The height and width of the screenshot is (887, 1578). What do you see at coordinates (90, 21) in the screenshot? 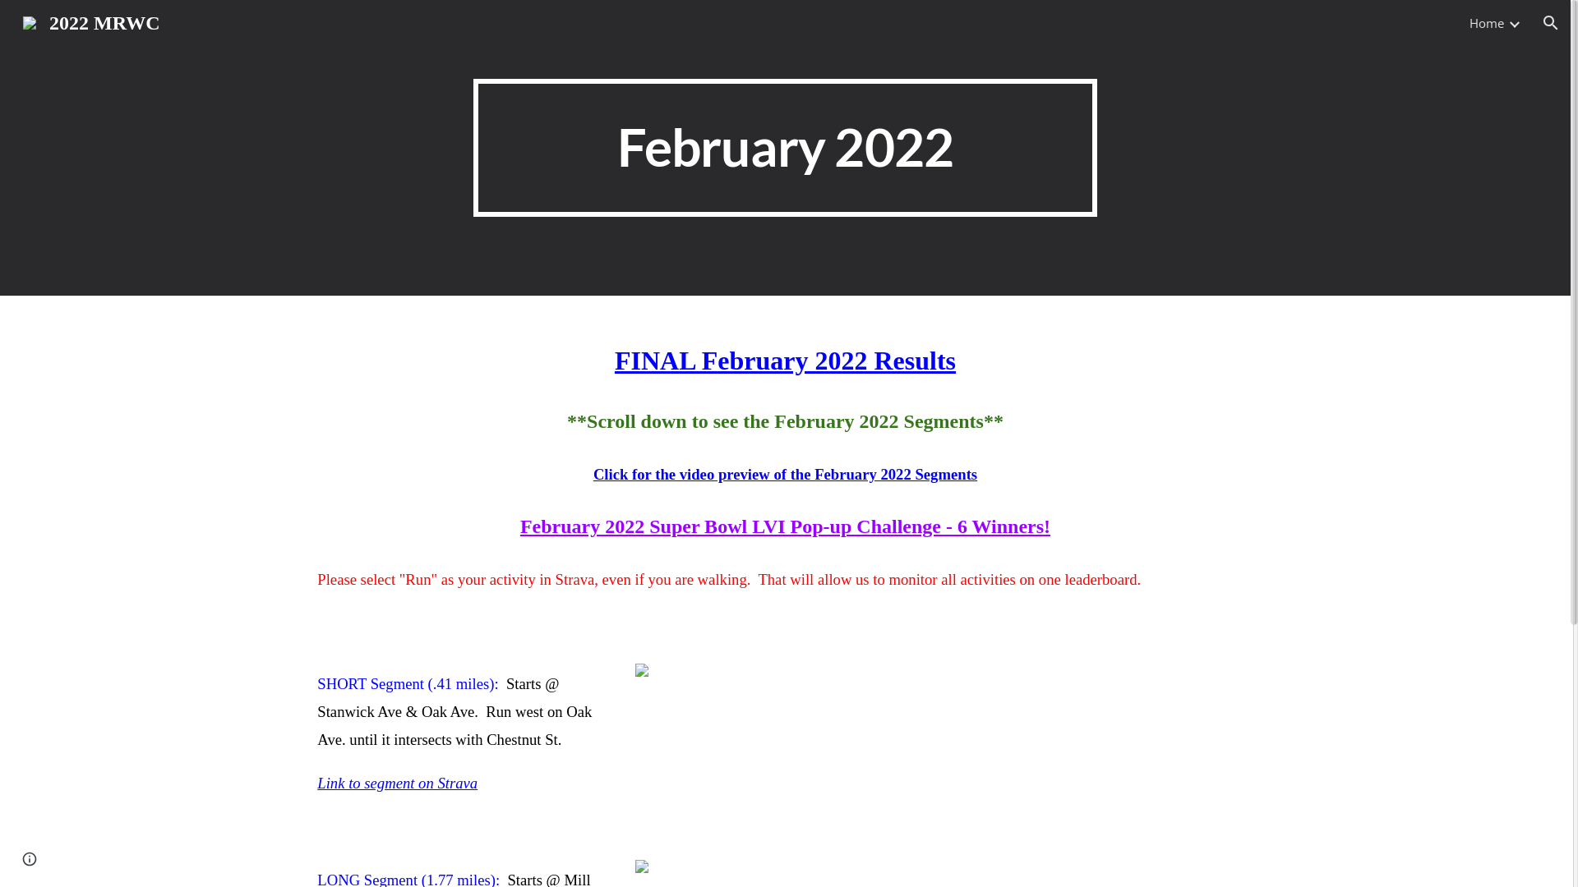
I see `'2022 MRWC'` at bounding box center [90, 21].